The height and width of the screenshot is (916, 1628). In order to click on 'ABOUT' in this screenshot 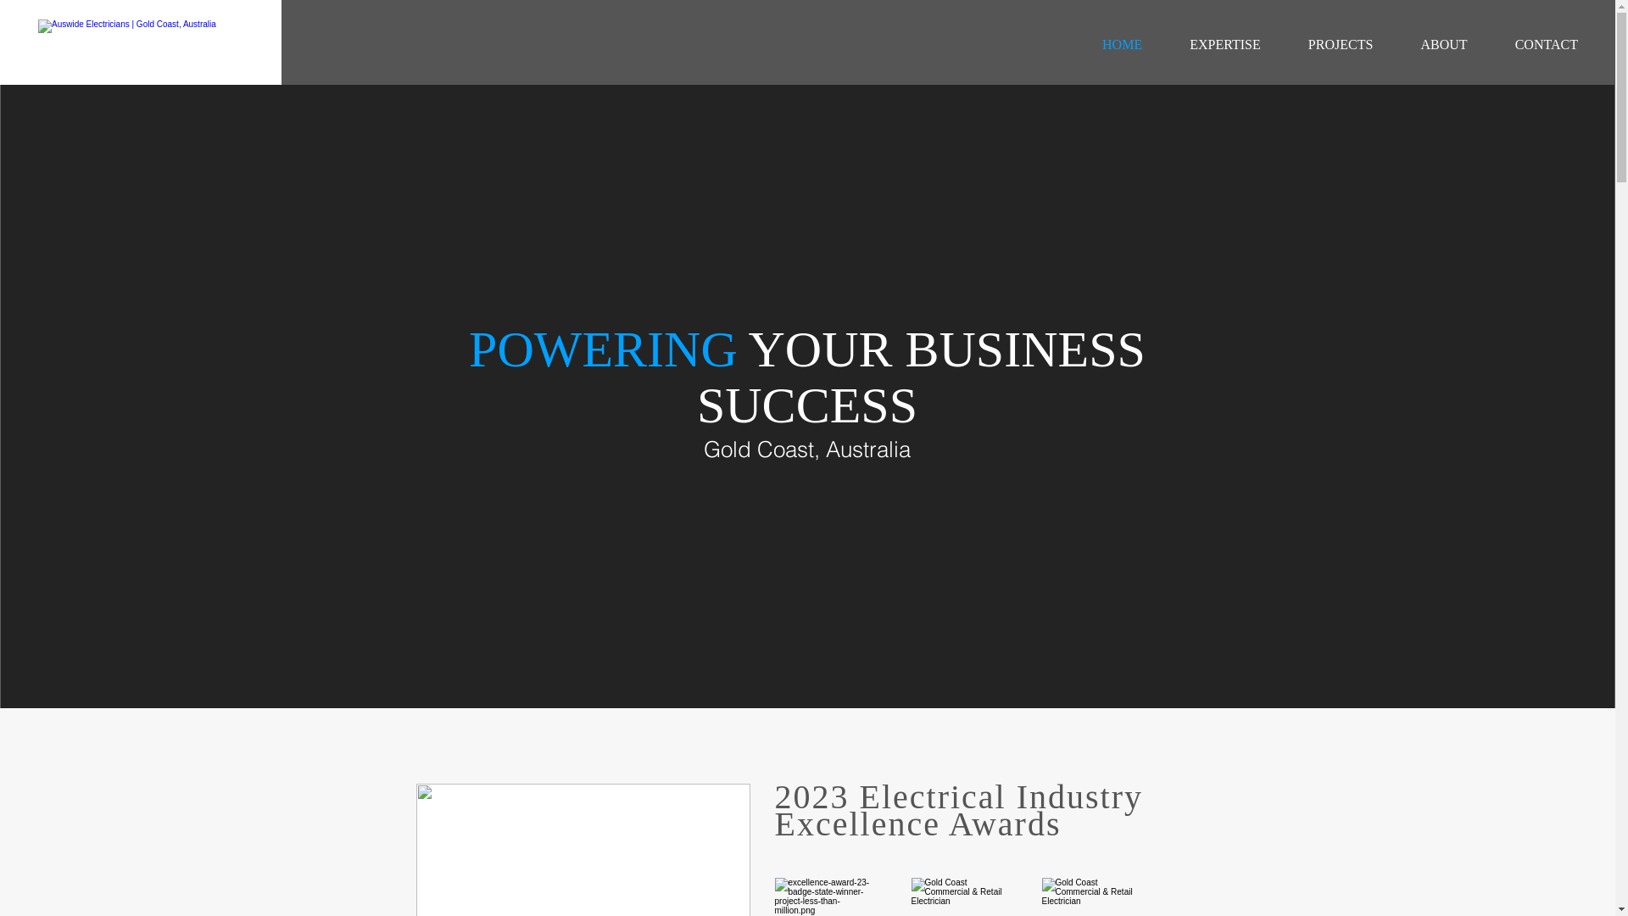, I will do `click(1442, 44)`.